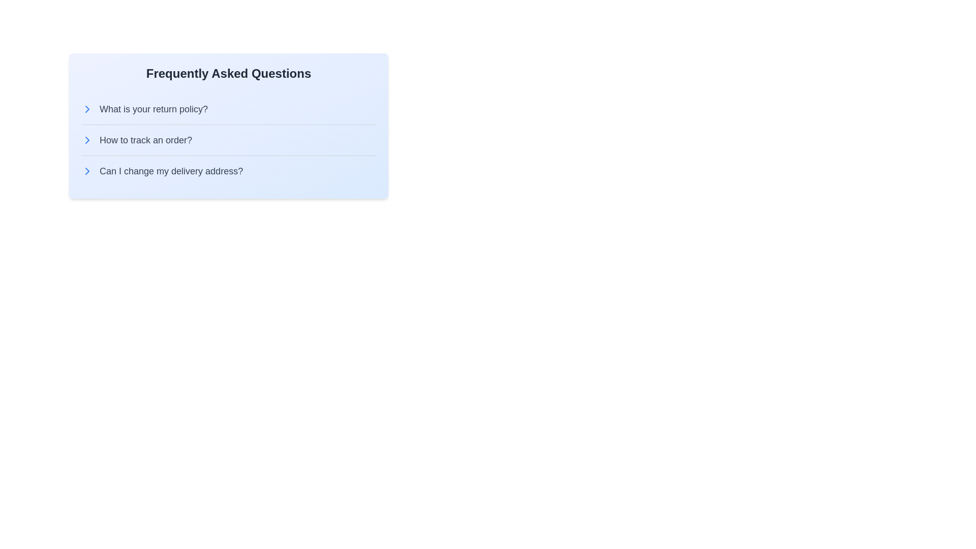  I want to click on the button styled as a text item labeled 'Can I change my delivery address?', so click(228, 170).